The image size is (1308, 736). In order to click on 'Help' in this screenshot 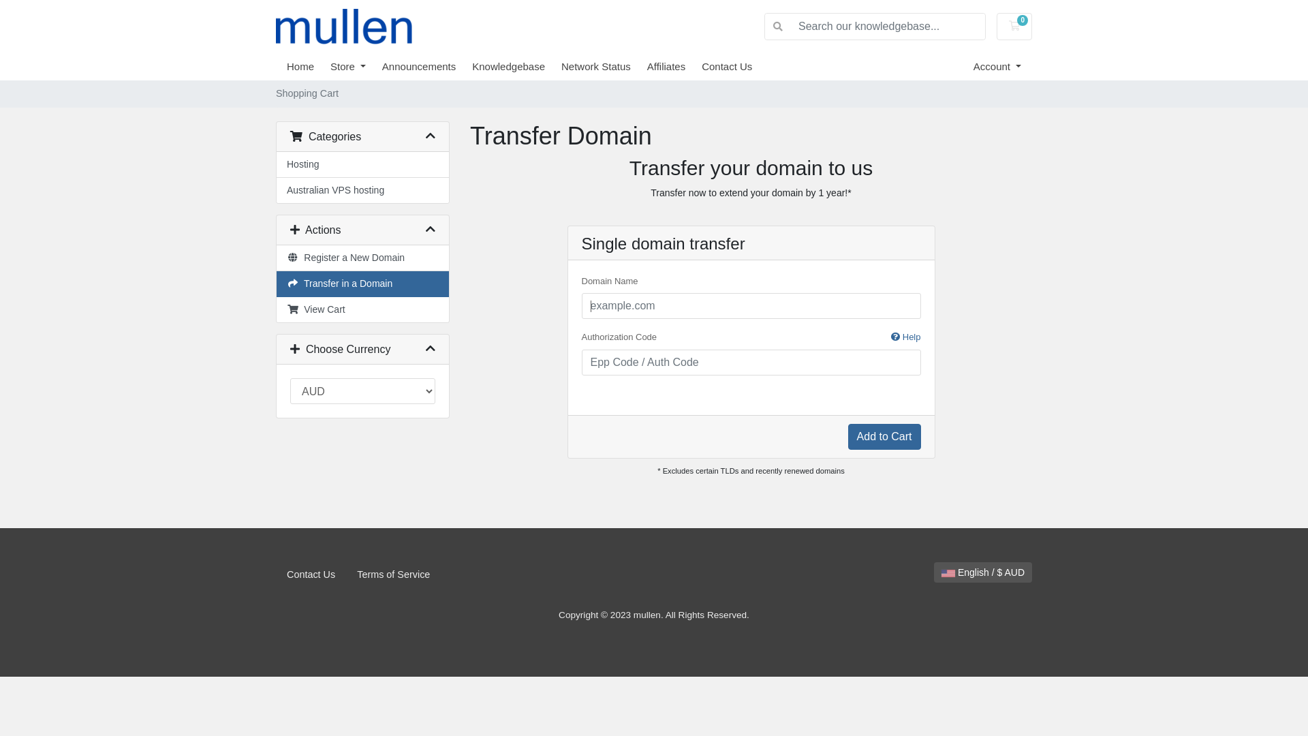, I will do `click(891, 337)`.